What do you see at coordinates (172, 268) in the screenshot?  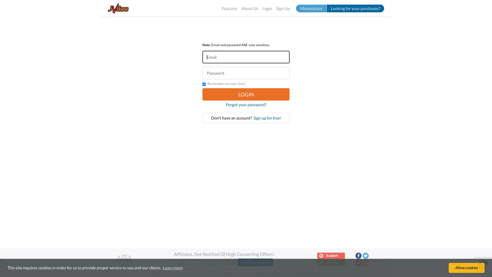 I see `learn more about cookies` at bounding box center [172, 268].